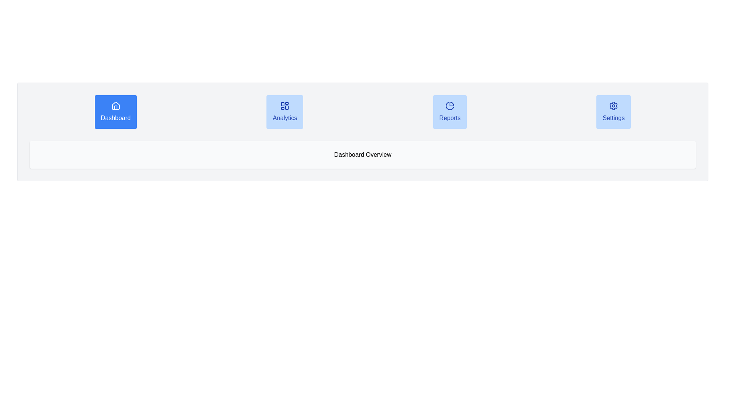 The width and height of the screenshot is (734, 413). Describe the element at coordinates (115, 106) in the screenshot. I see `the 'Dashboard' navigation button icon located at the top-left section of the horizontal navigation bar, which is visually represented by an icon centered above the text 'Dashboard.'` at that location.